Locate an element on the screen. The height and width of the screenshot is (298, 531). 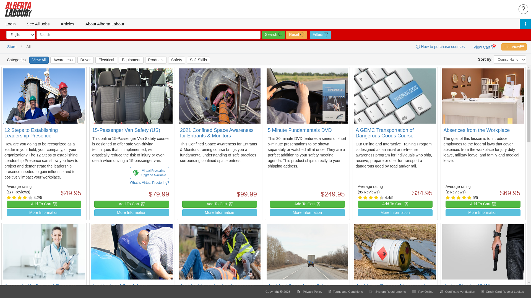
'Terms and Conditions' is located at coordinates (346, 291).